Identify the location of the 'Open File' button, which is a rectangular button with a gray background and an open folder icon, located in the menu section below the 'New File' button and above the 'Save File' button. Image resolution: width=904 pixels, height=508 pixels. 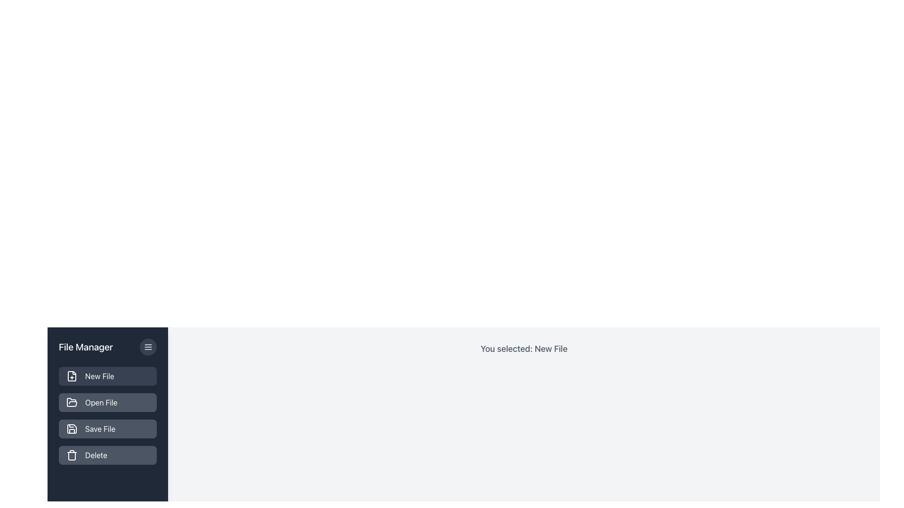
(108, 402).